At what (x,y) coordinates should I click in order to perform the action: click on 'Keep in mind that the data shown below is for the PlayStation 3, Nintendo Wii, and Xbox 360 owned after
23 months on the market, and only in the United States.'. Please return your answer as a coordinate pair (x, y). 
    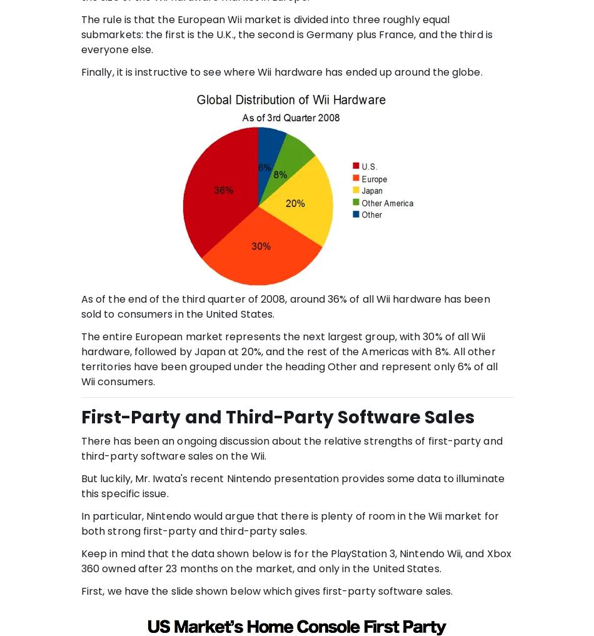
    Looking at the image, I should click on (295, 560).